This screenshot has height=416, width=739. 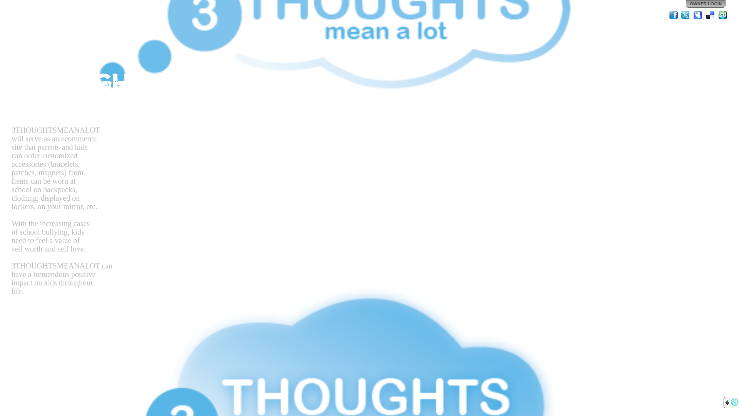 I want to click on 'Facebook', so click(x=673, y=15).